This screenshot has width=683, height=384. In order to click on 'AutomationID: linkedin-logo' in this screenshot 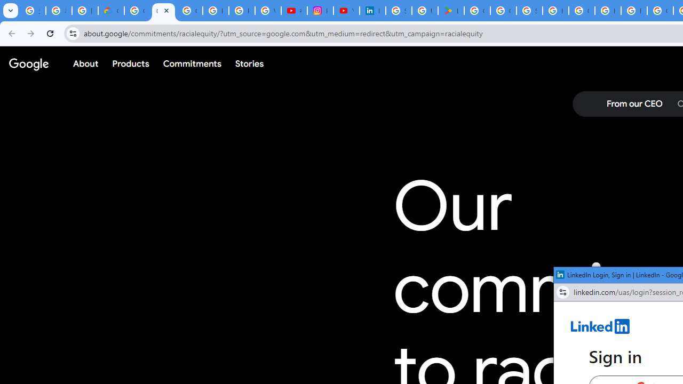, I will do `click(600, 326)`.